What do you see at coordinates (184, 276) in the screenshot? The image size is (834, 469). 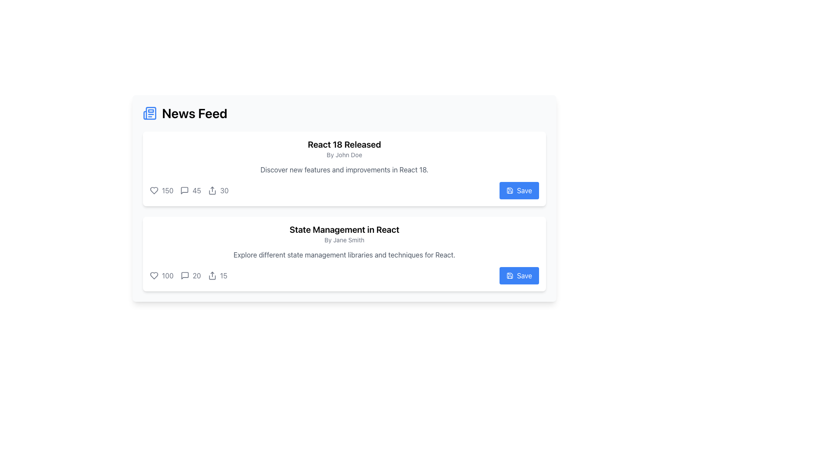 I see `the comment button located in the interaction bar below the post titled 'State Management in React'` at bounding box center [184, 276].